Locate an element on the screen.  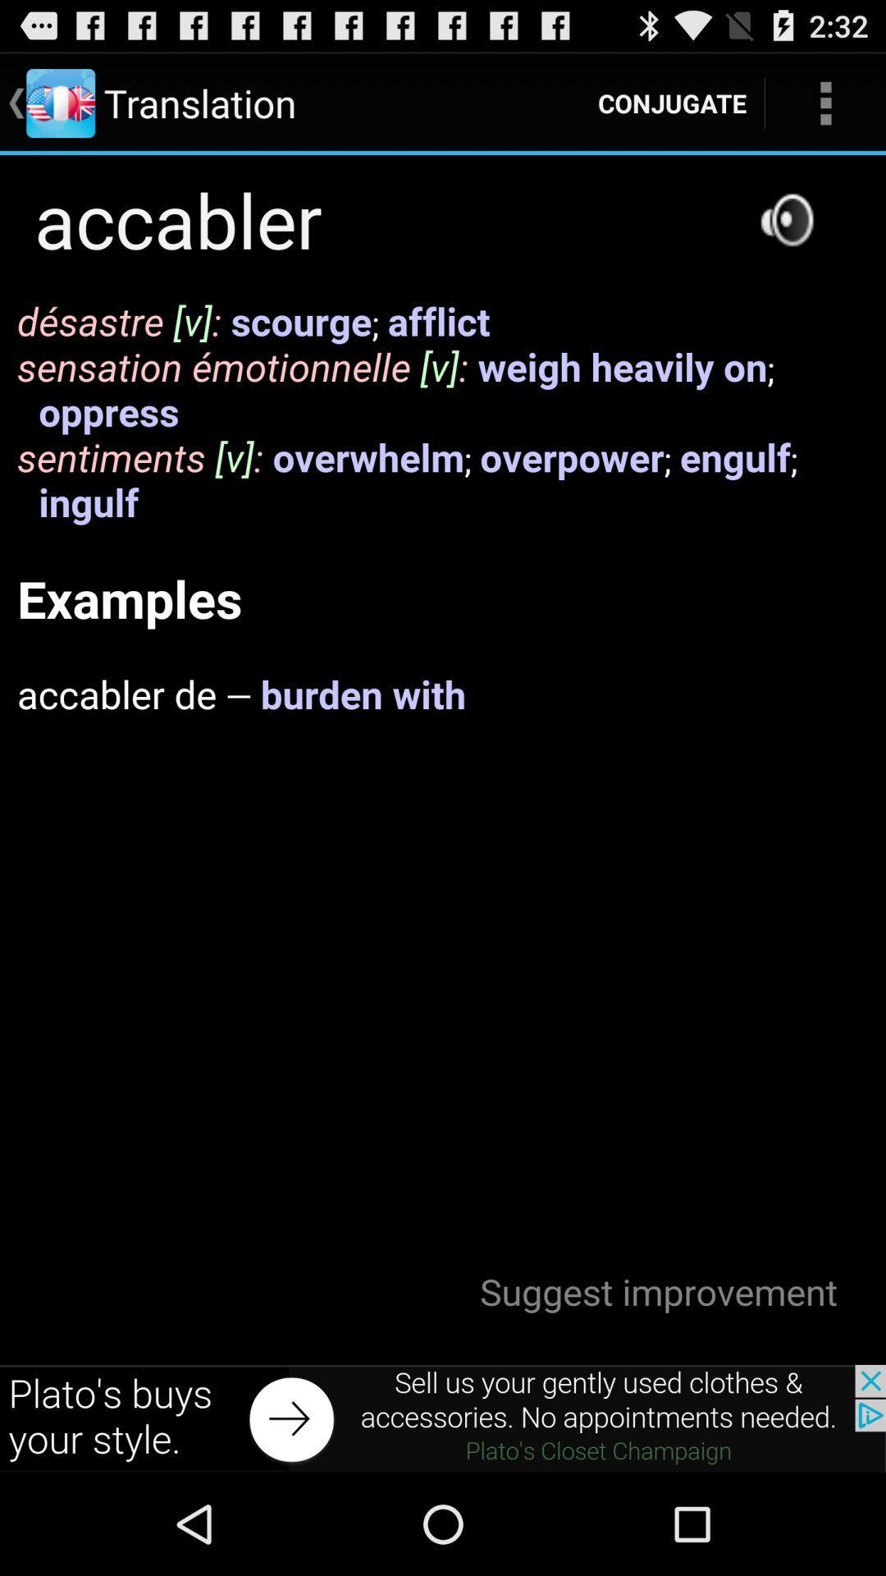
opens up advertisement is located at coordinates (443, 1418).